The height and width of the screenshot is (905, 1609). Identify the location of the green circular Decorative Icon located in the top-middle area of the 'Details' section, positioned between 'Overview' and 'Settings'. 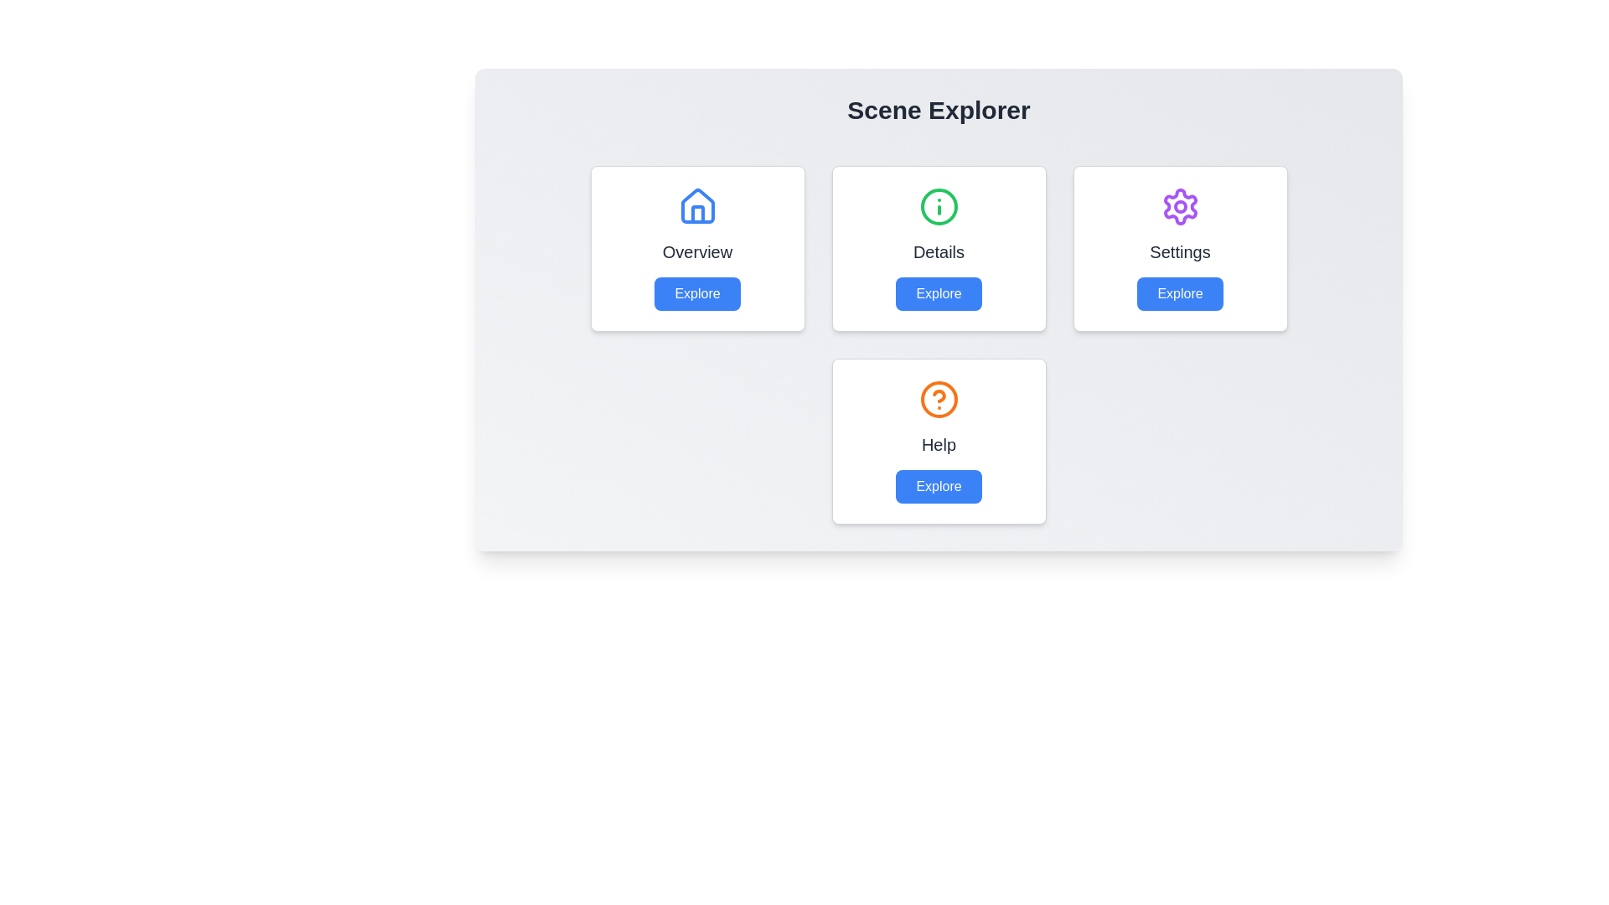
(939, 205).